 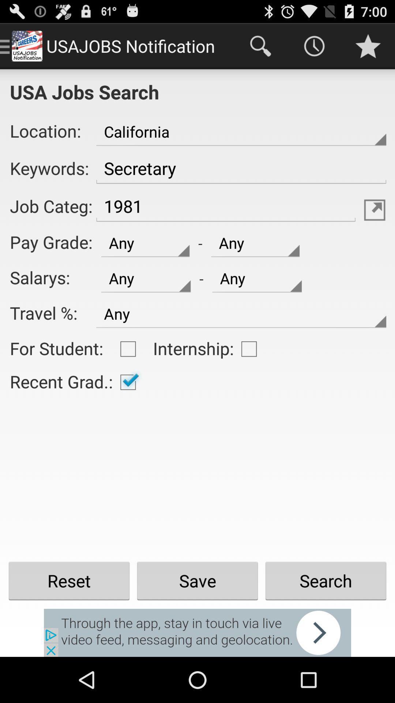 I want to click on check here if you are a recent graduate, so click(x=128, y=382).